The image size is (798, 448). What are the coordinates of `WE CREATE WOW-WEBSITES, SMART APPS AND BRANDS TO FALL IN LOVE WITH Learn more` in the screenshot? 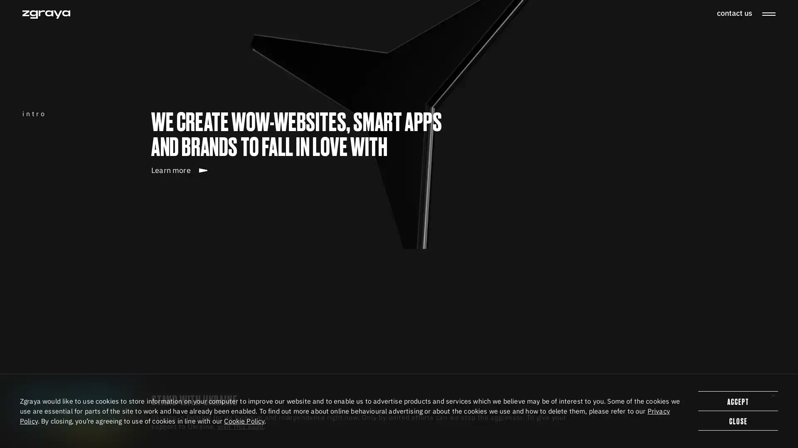 It's located at (301, 241).